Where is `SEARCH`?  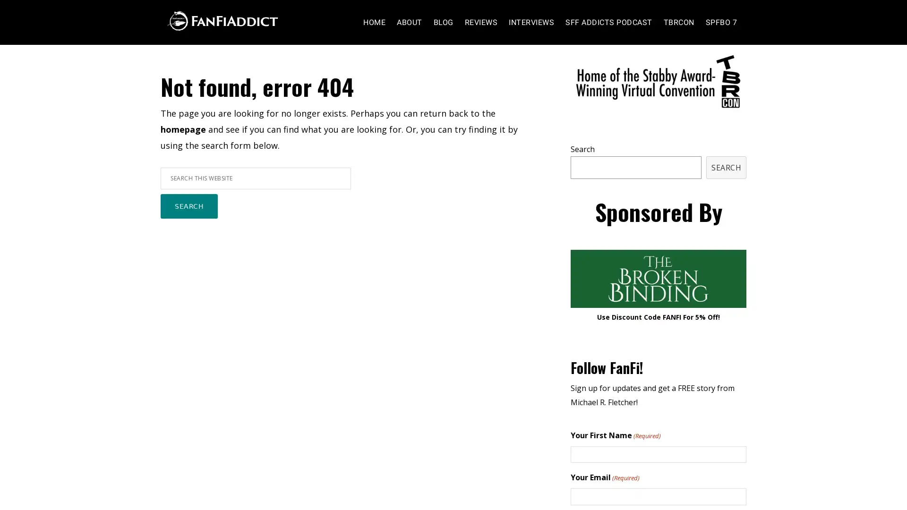
SEARCH is located at coordinates (726, 186).